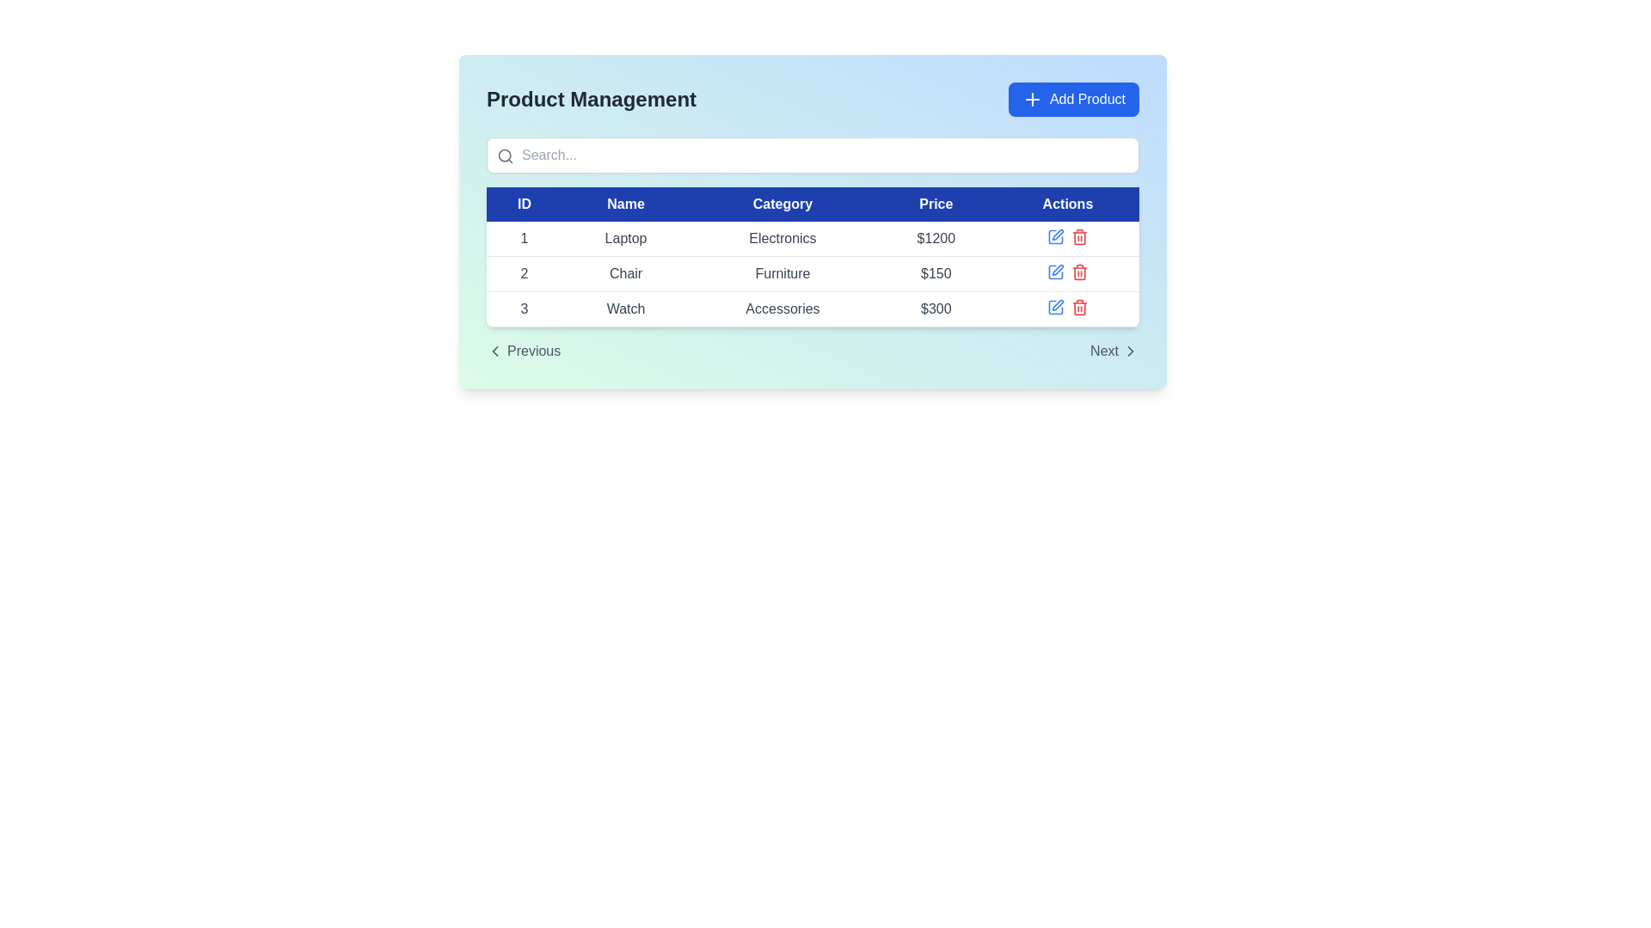 Image resolution: width=1651 pixels, height=928 pixels. I want to click on the icon button in the 'Actions' column of the first row to initiate editing of the corresponding row's data for the product 'Laptop', so click(1055, 237).